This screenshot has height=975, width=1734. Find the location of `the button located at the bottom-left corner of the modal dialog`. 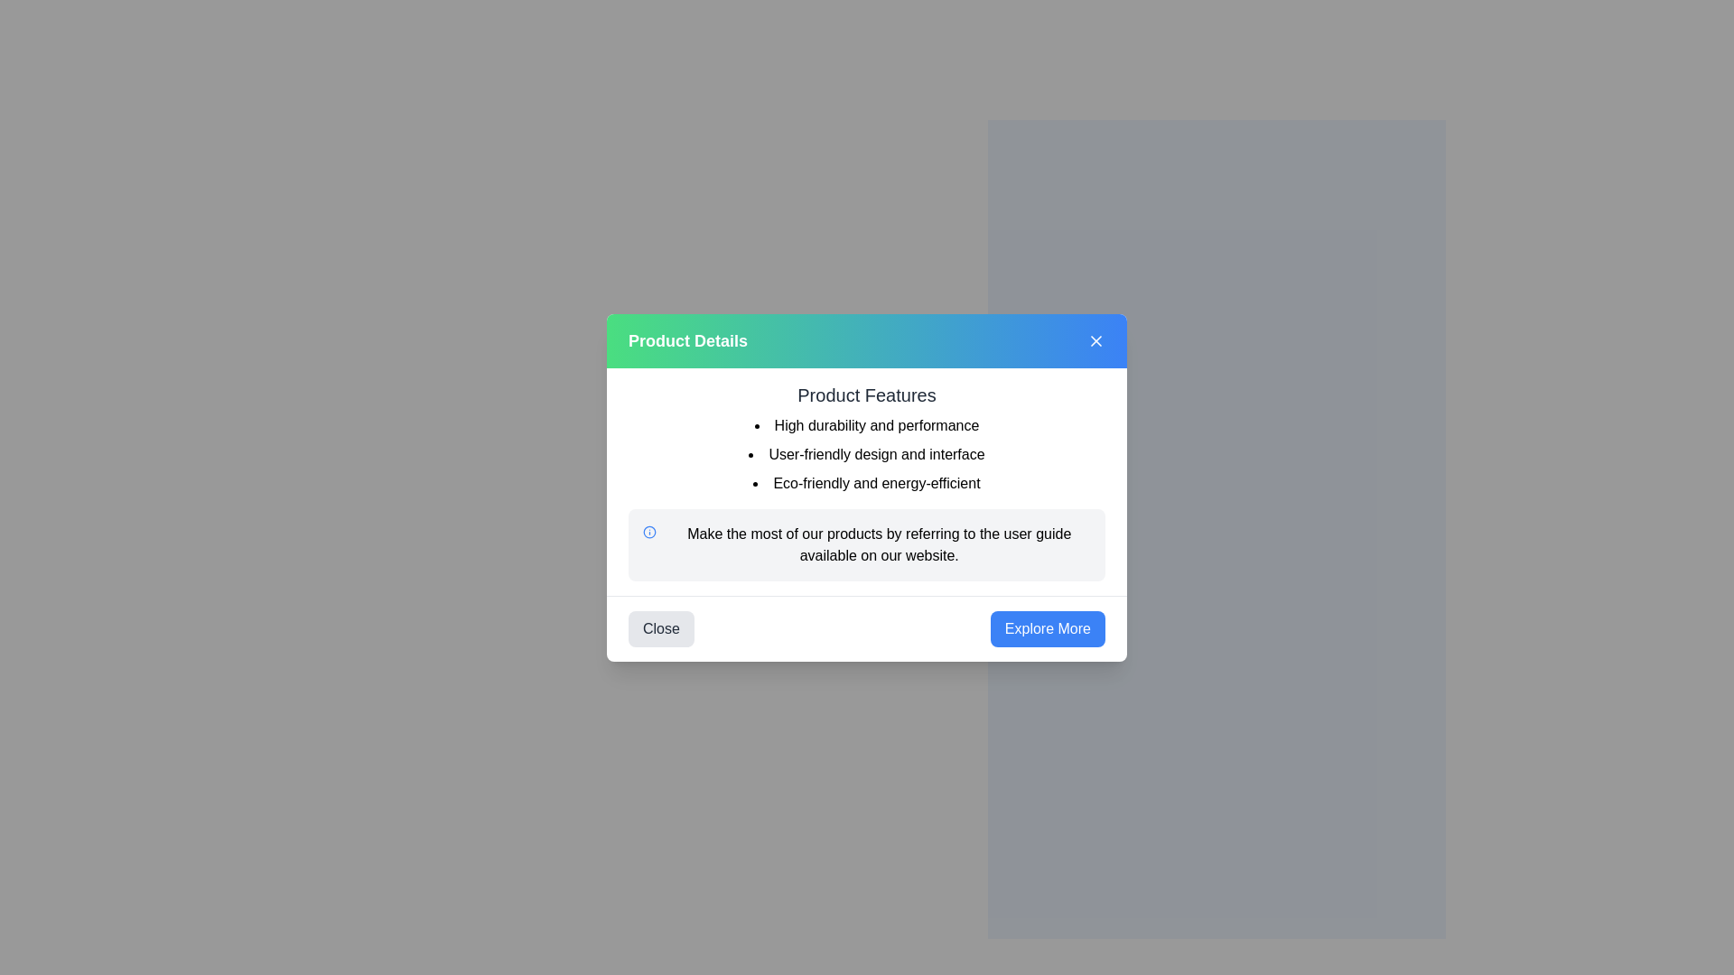

the button located at the bottom-left corner of the modal dialog is located at coordinates (660, 627).